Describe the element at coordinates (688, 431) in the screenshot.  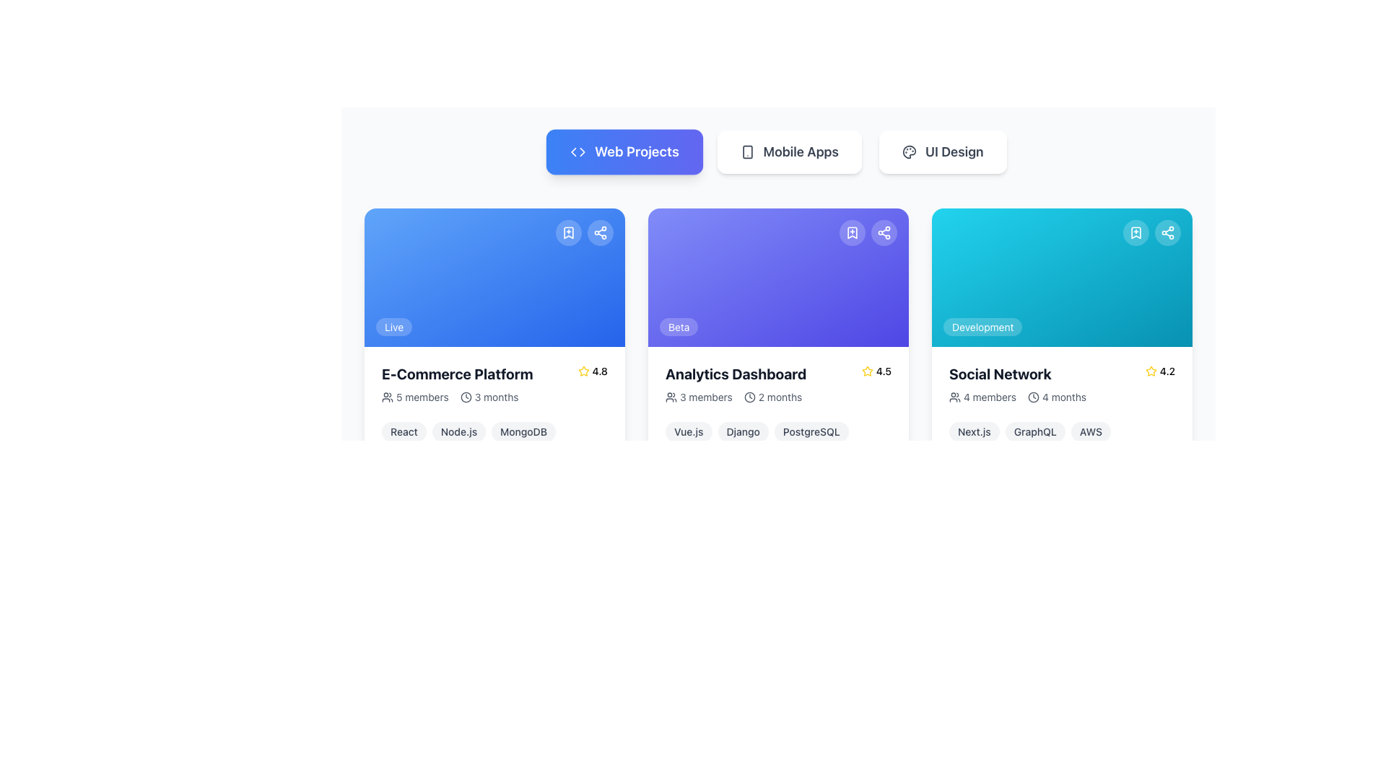
I see `the small, pill-shaped label displaying 'Vue.js' with a light gray background and darker gray text, located in the center-bottom region of the 'Analytics Dashboard' card` at that location.